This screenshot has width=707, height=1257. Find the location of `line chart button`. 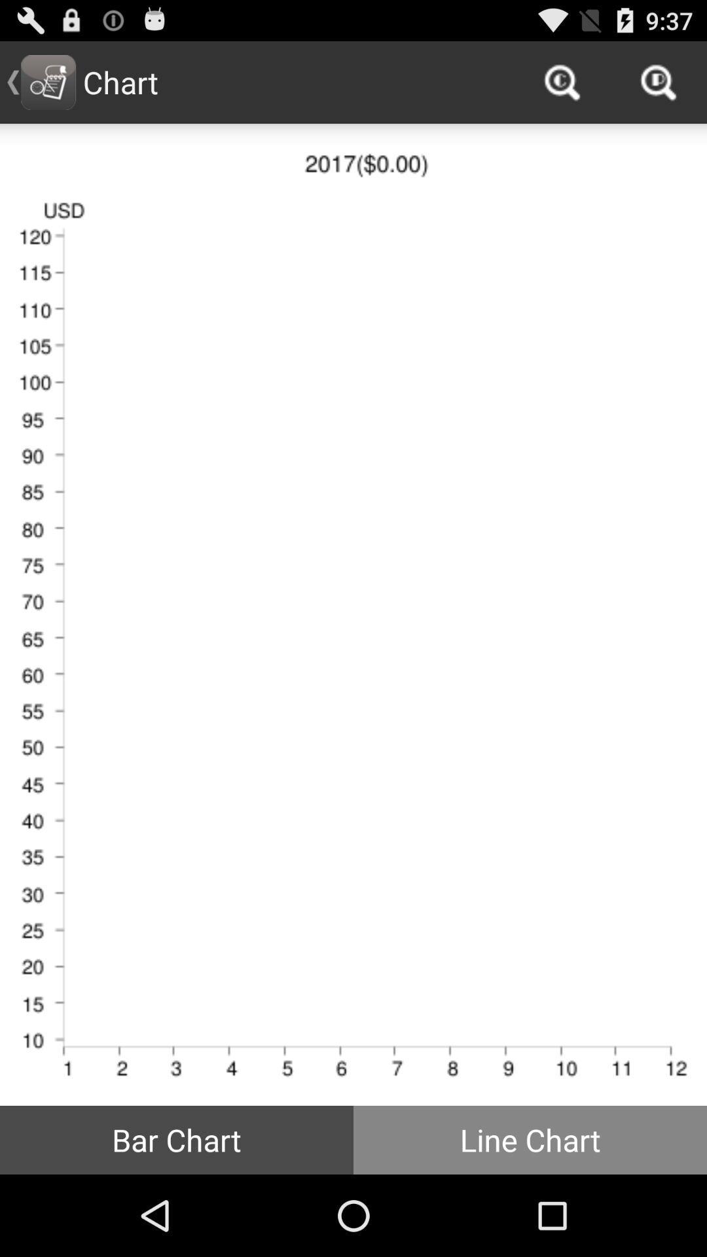

line chart button is located at coordinates (530, 1139).